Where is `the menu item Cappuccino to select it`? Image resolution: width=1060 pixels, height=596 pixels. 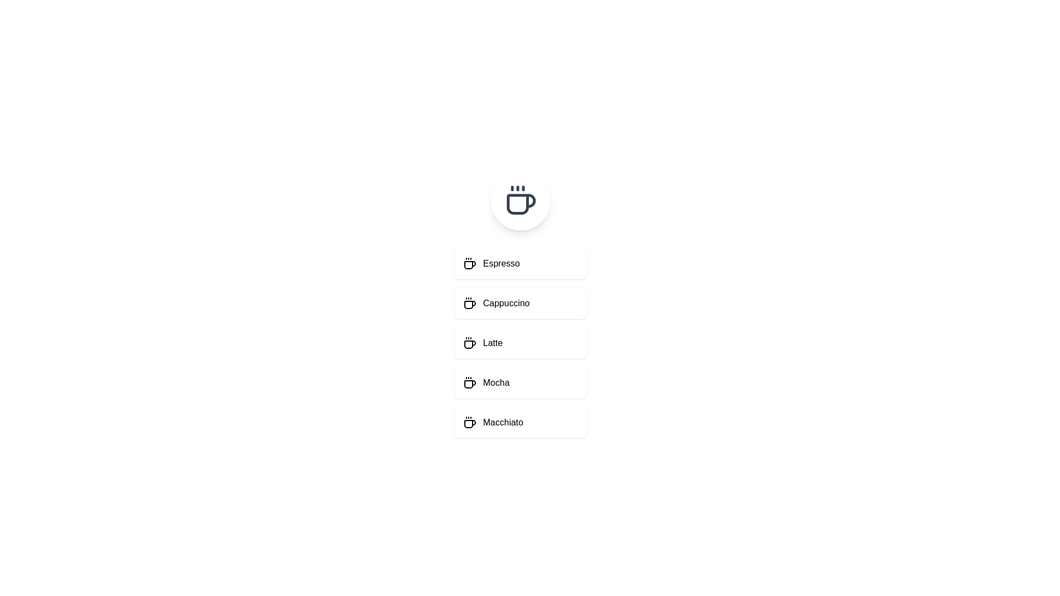 the menu item Cappuccino to select it is located at coordinates (520, 304).